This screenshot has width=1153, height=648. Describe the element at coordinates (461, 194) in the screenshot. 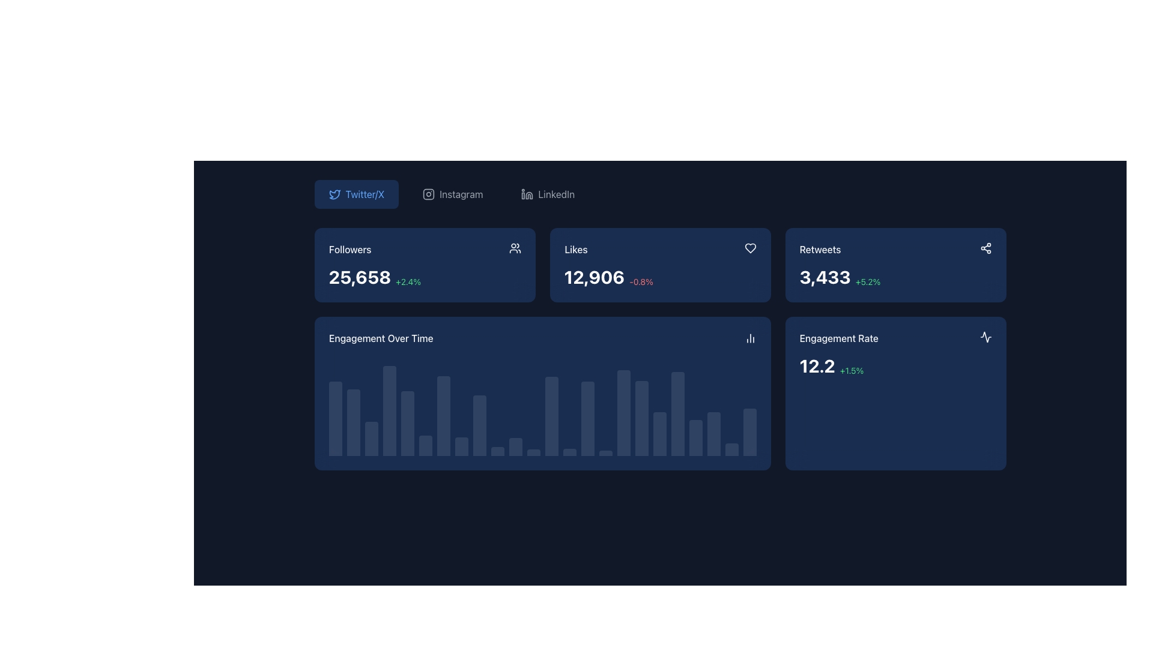

I see `styling or properties of the 'Instagram' text label, which is displayed in a subdued color and is part of the navigation area, located between 'Twitter/X' and 'LinkedIn'` at that location.